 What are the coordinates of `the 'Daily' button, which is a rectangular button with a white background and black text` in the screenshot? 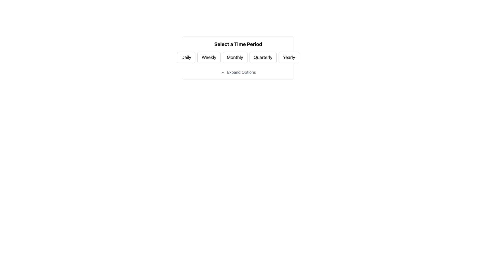 It's located at (186, 57).